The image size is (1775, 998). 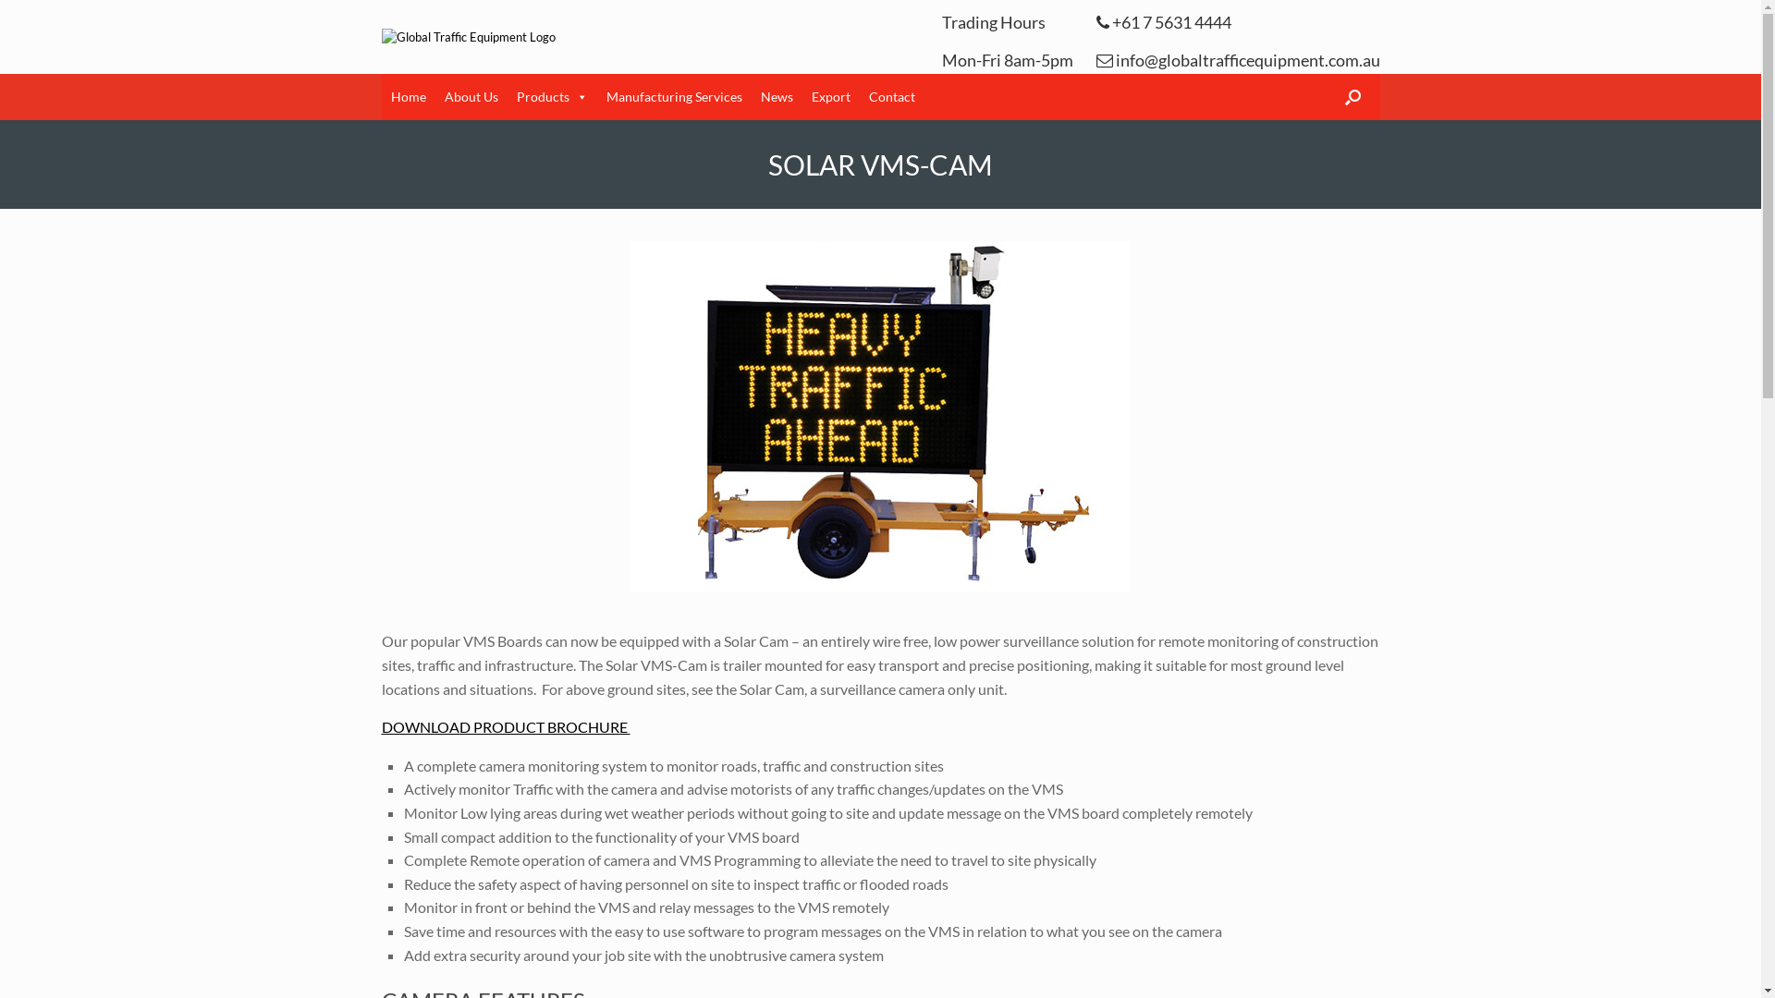 What do you see at coordinates (891, 96) in the screenshot?
I see `'Contact'` at bounding box center [891, 96].